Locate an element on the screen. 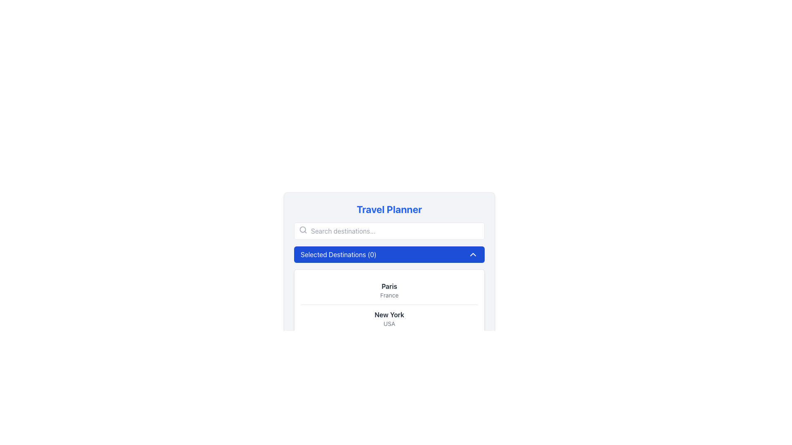 This screenshot has height=445, width=792. the search icon located at the top-left of the input search bar in the 'Travel Planner' section, which represents the search functionality is located at coordinates (302, 230).